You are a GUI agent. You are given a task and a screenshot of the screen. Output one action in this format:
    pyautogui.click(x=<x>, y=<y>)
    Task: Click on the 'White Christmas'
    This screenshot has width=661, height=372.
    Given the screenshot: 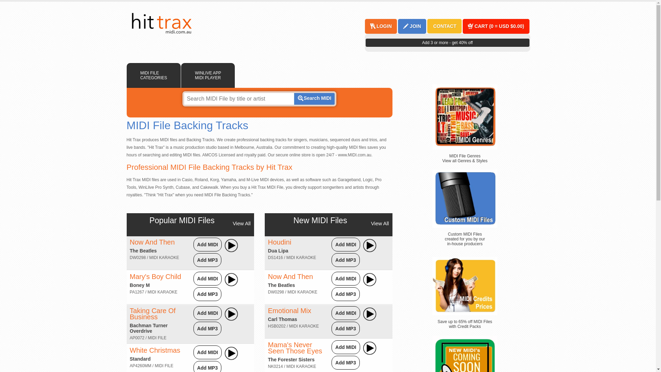 What is the action you would take?
    pyautogui.click(x=155, y=350)
    